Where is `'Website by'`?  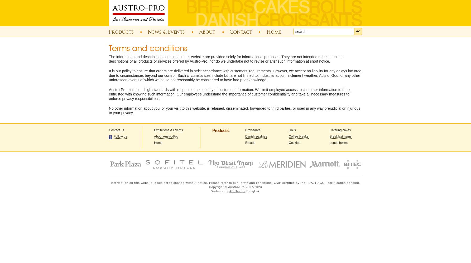 'Website by' is located at coordinates (220, 191).